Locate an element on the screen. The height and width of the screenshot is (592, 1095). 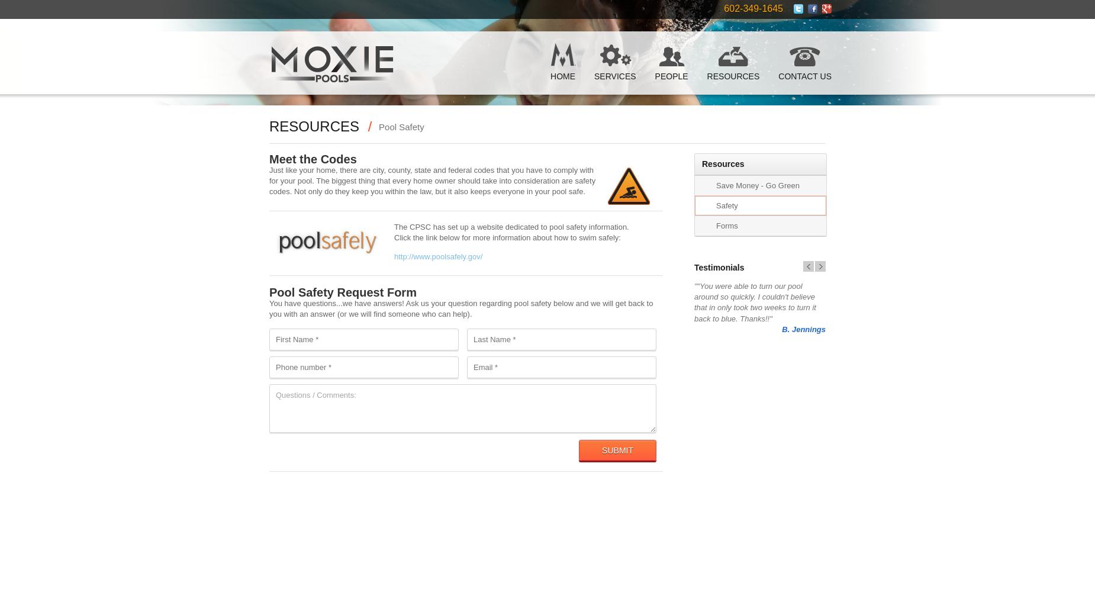
'resources' is located at coordinates (314, 126).